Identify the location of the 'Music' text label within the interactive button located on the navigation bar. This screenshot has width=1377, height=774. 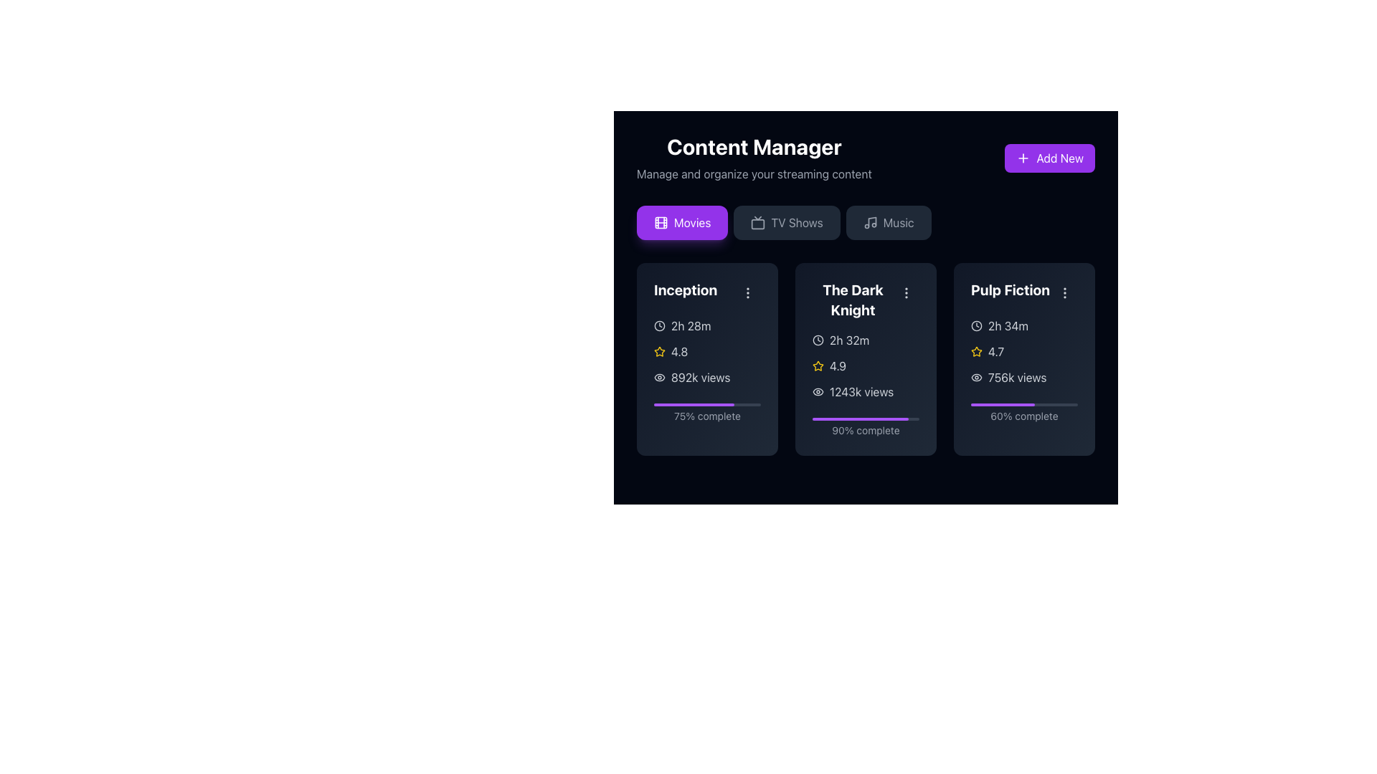
(898, 223).